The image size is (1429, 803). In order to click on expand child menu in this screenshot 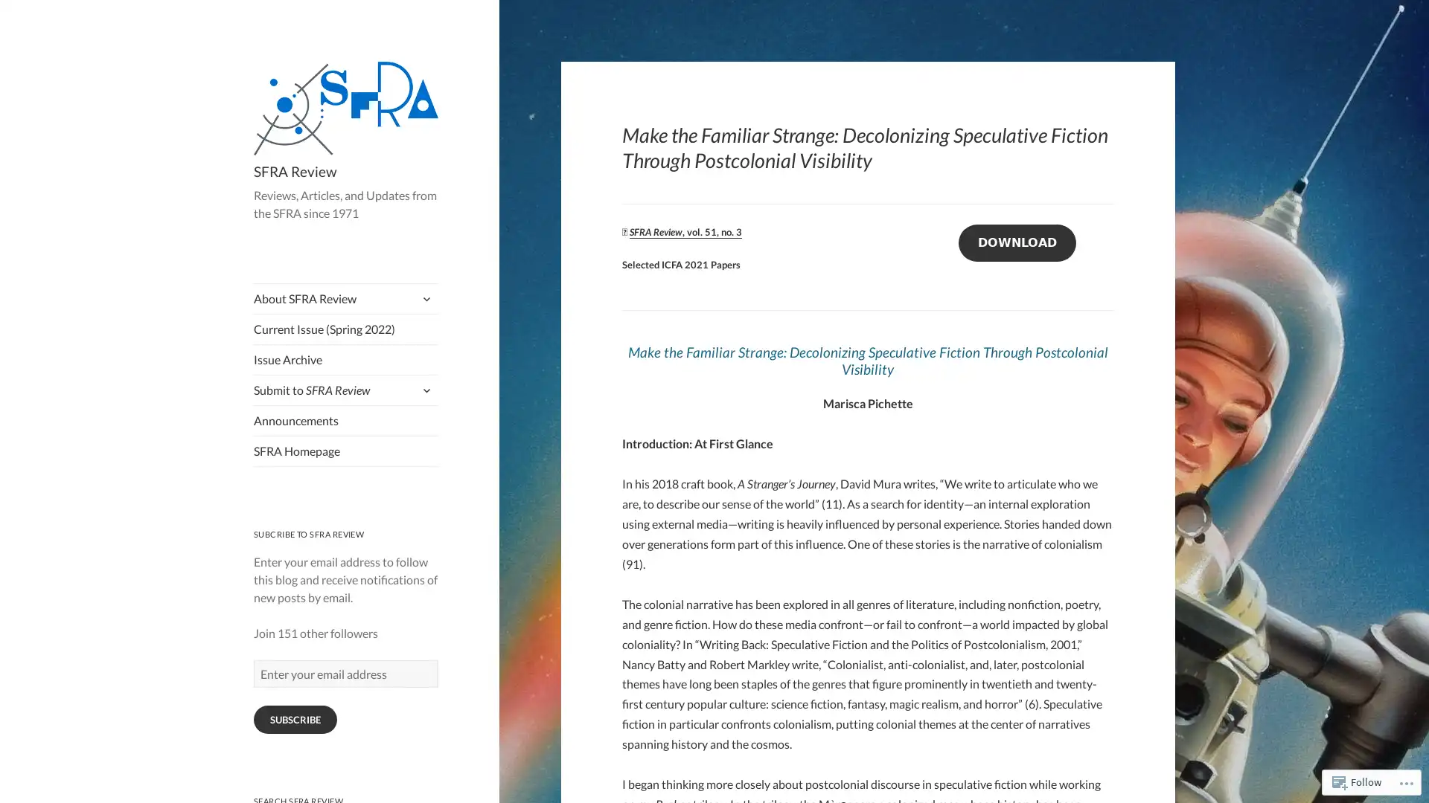, I will do `click(424, 389)`.